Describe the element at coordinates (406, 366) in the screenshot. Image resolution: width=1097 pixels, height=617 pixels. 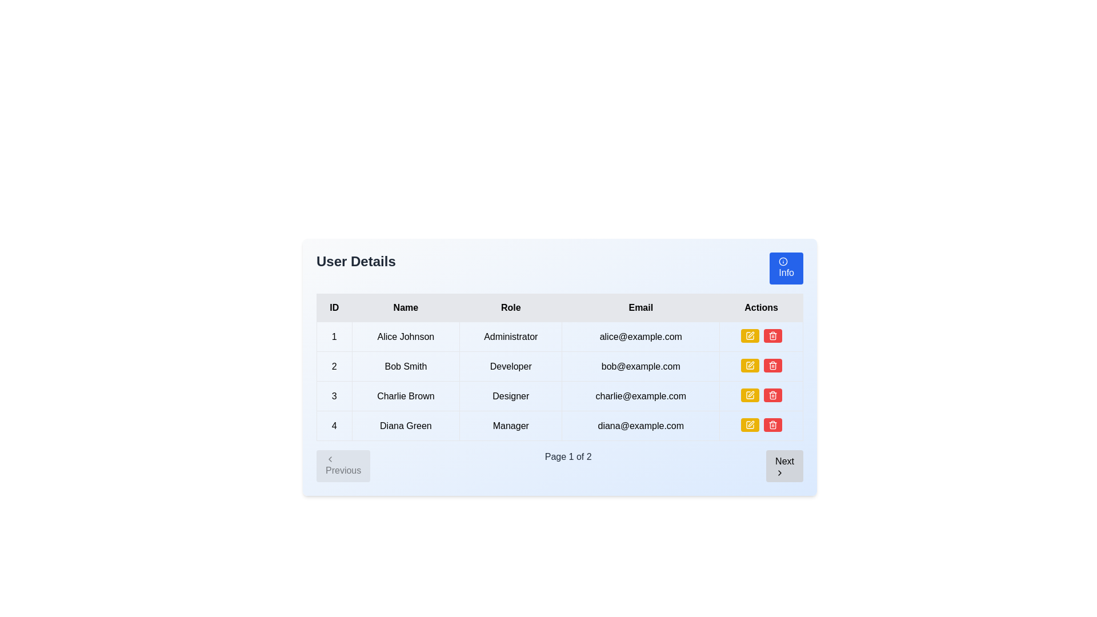
I see `the text label displaying 'Bob Smith', which is the second cell under the 'Name' column in the user details table` at that location.